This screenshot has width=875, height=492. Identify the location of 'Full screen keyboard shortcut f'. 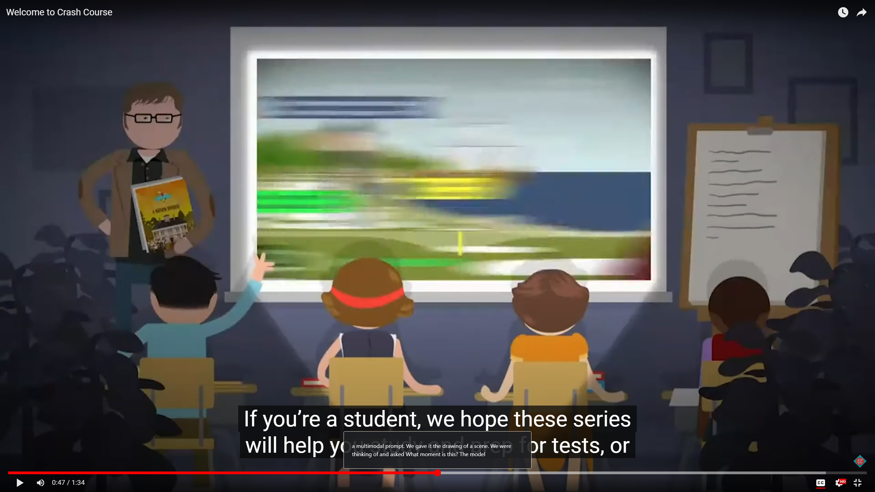
(858, 482).